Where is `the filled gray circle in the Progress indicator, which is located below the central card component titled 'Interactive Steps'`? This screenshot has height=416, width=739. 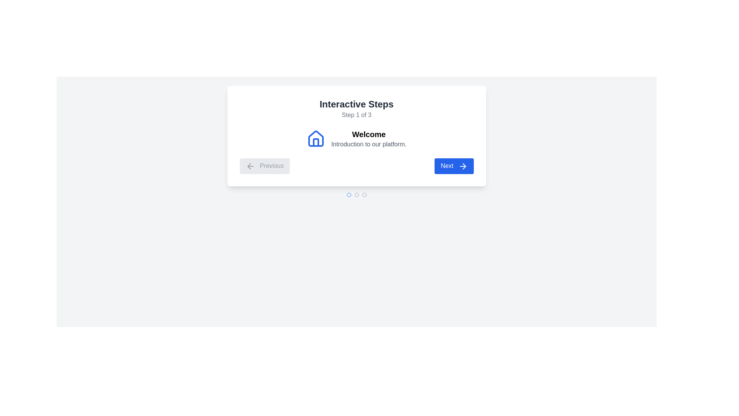
the filled gray circle in the Progress indicator, which is located below the central card component titled 'Interactive Steps' is located at coordinates (356, 194).